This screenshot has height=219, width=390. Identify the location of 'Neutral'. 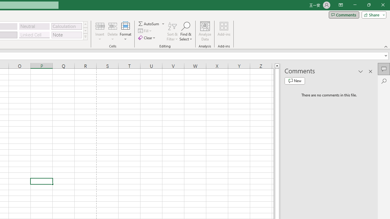
(34, 26).